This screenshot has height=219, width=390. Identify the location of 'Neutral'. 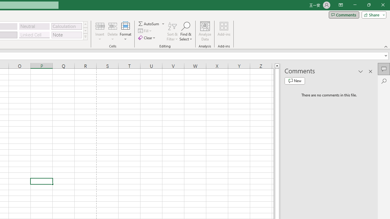
(34, 26).